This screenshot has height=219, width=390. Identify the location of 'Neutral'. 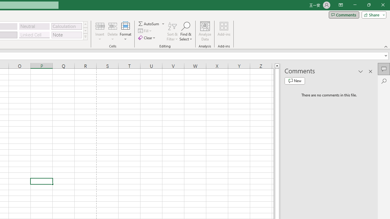
(34, 26).